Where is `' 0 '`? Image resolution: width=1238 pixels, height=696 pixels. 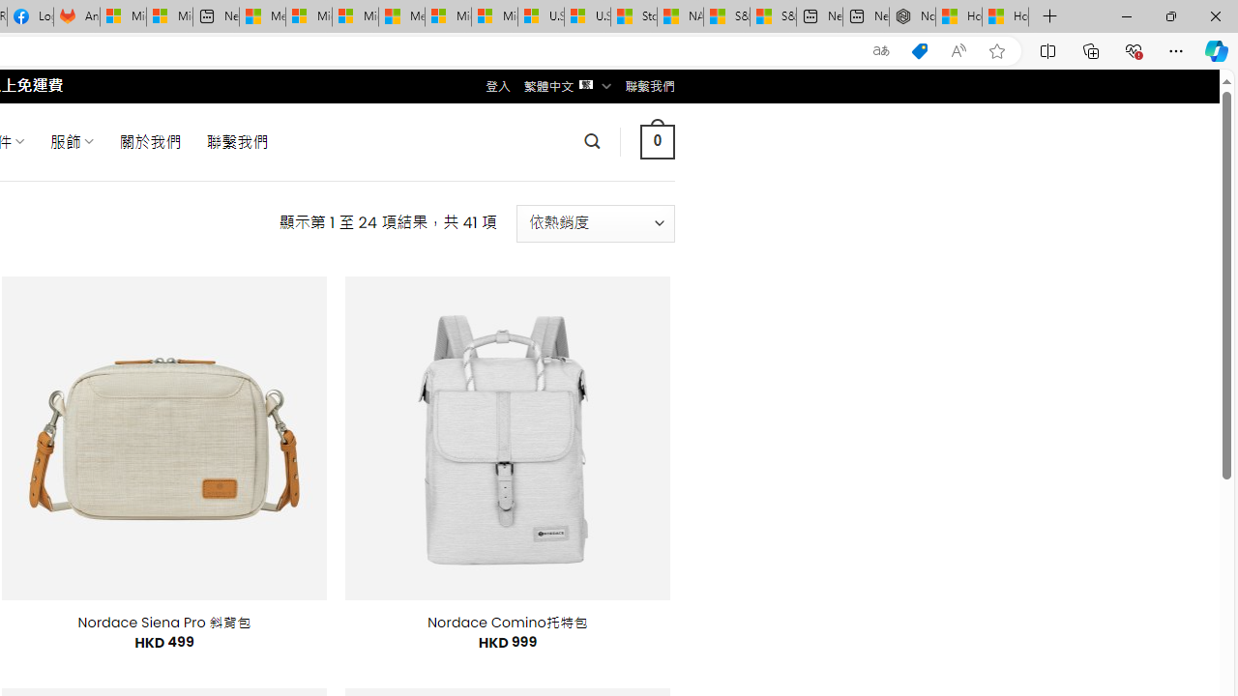 ' 0 ' is located at coordinates (657, 140).